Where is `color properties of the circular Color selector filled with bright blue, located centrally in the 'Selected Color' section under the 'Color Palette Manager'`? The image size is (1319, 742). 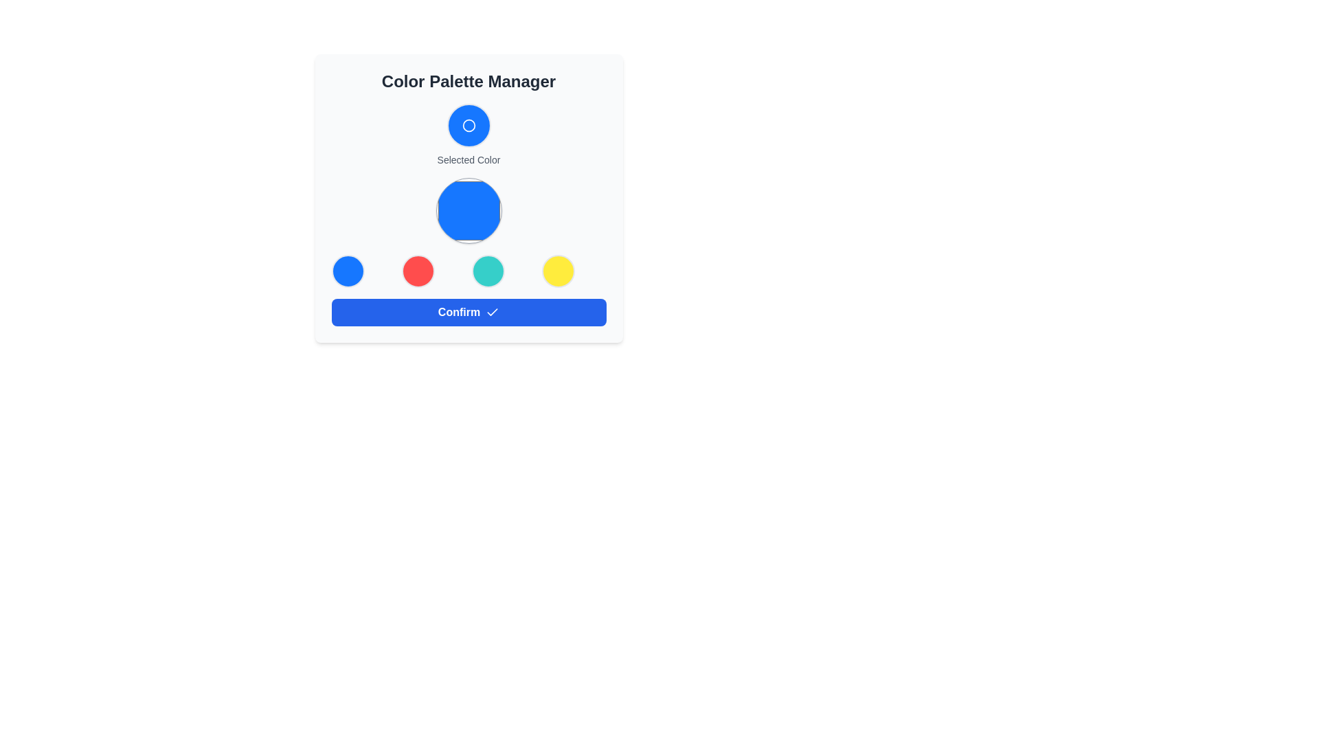 color properties of the circular Color selector filled with bright blue, located centrally in the 'Selected Color' section under the 'Color Palette Manager' is located at coordinates (469, 199).